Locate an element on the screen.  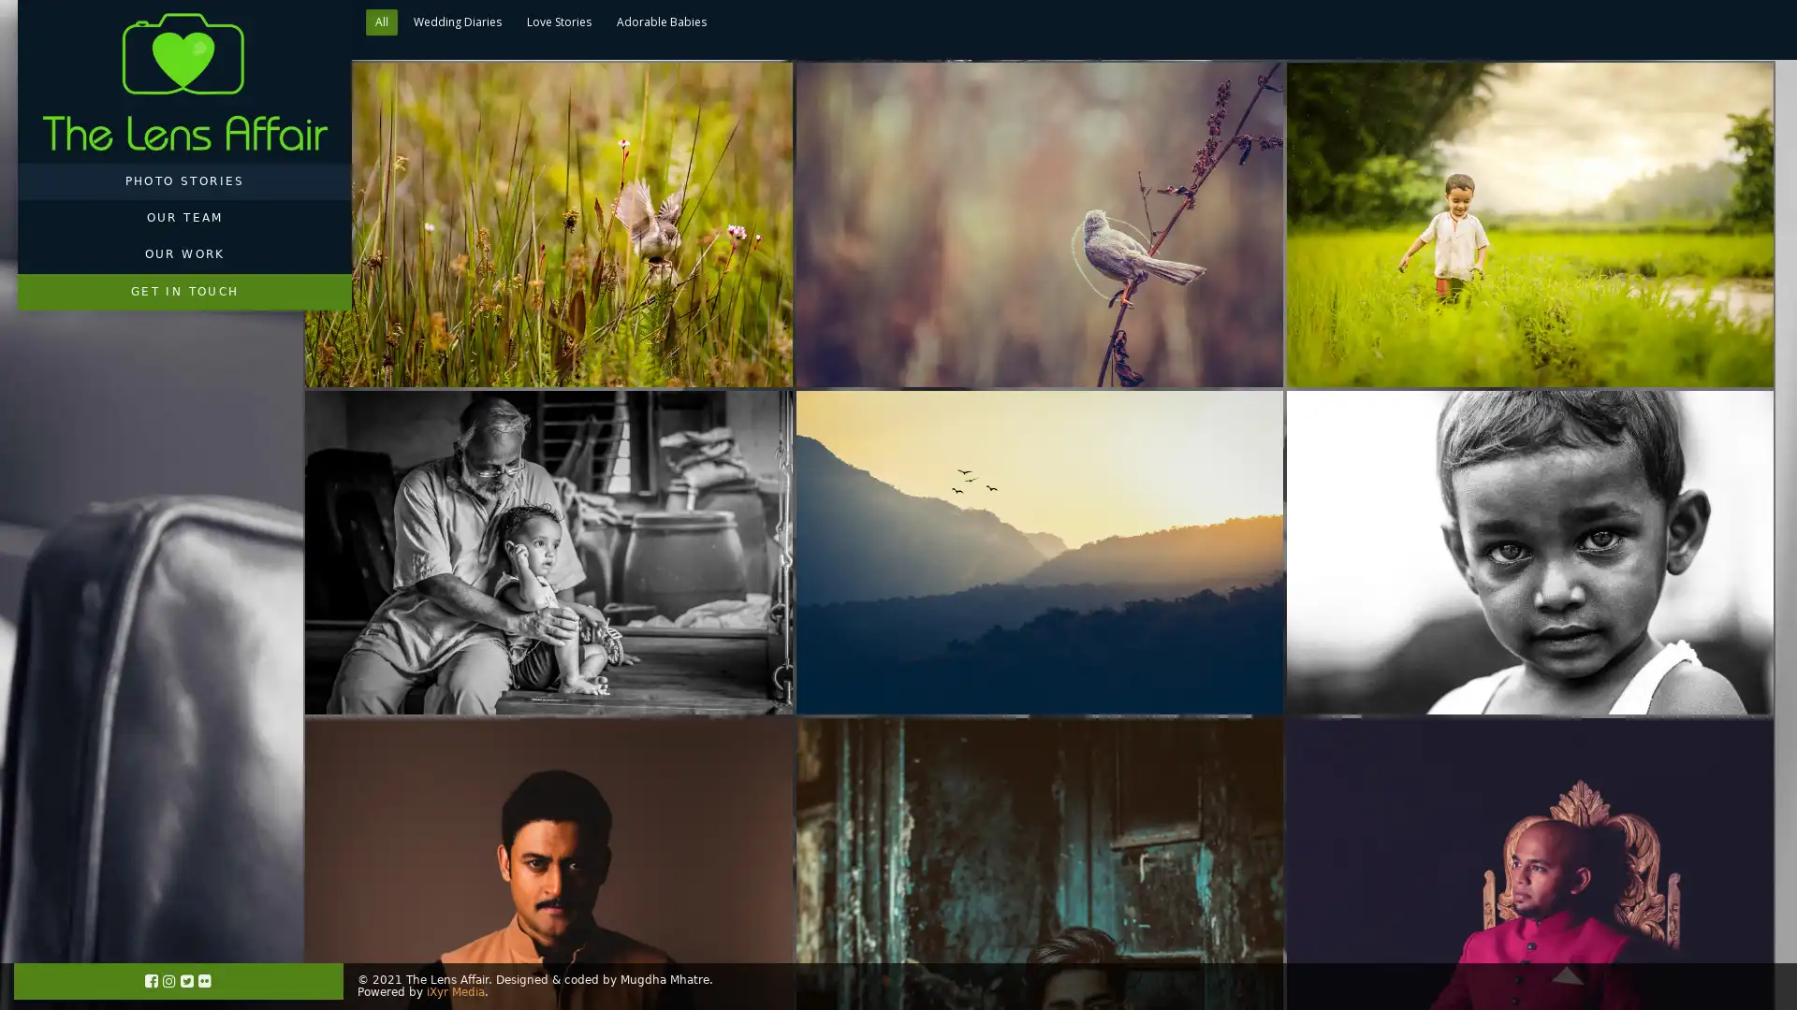
Adorable Babies is located at coordinates (660, 22).